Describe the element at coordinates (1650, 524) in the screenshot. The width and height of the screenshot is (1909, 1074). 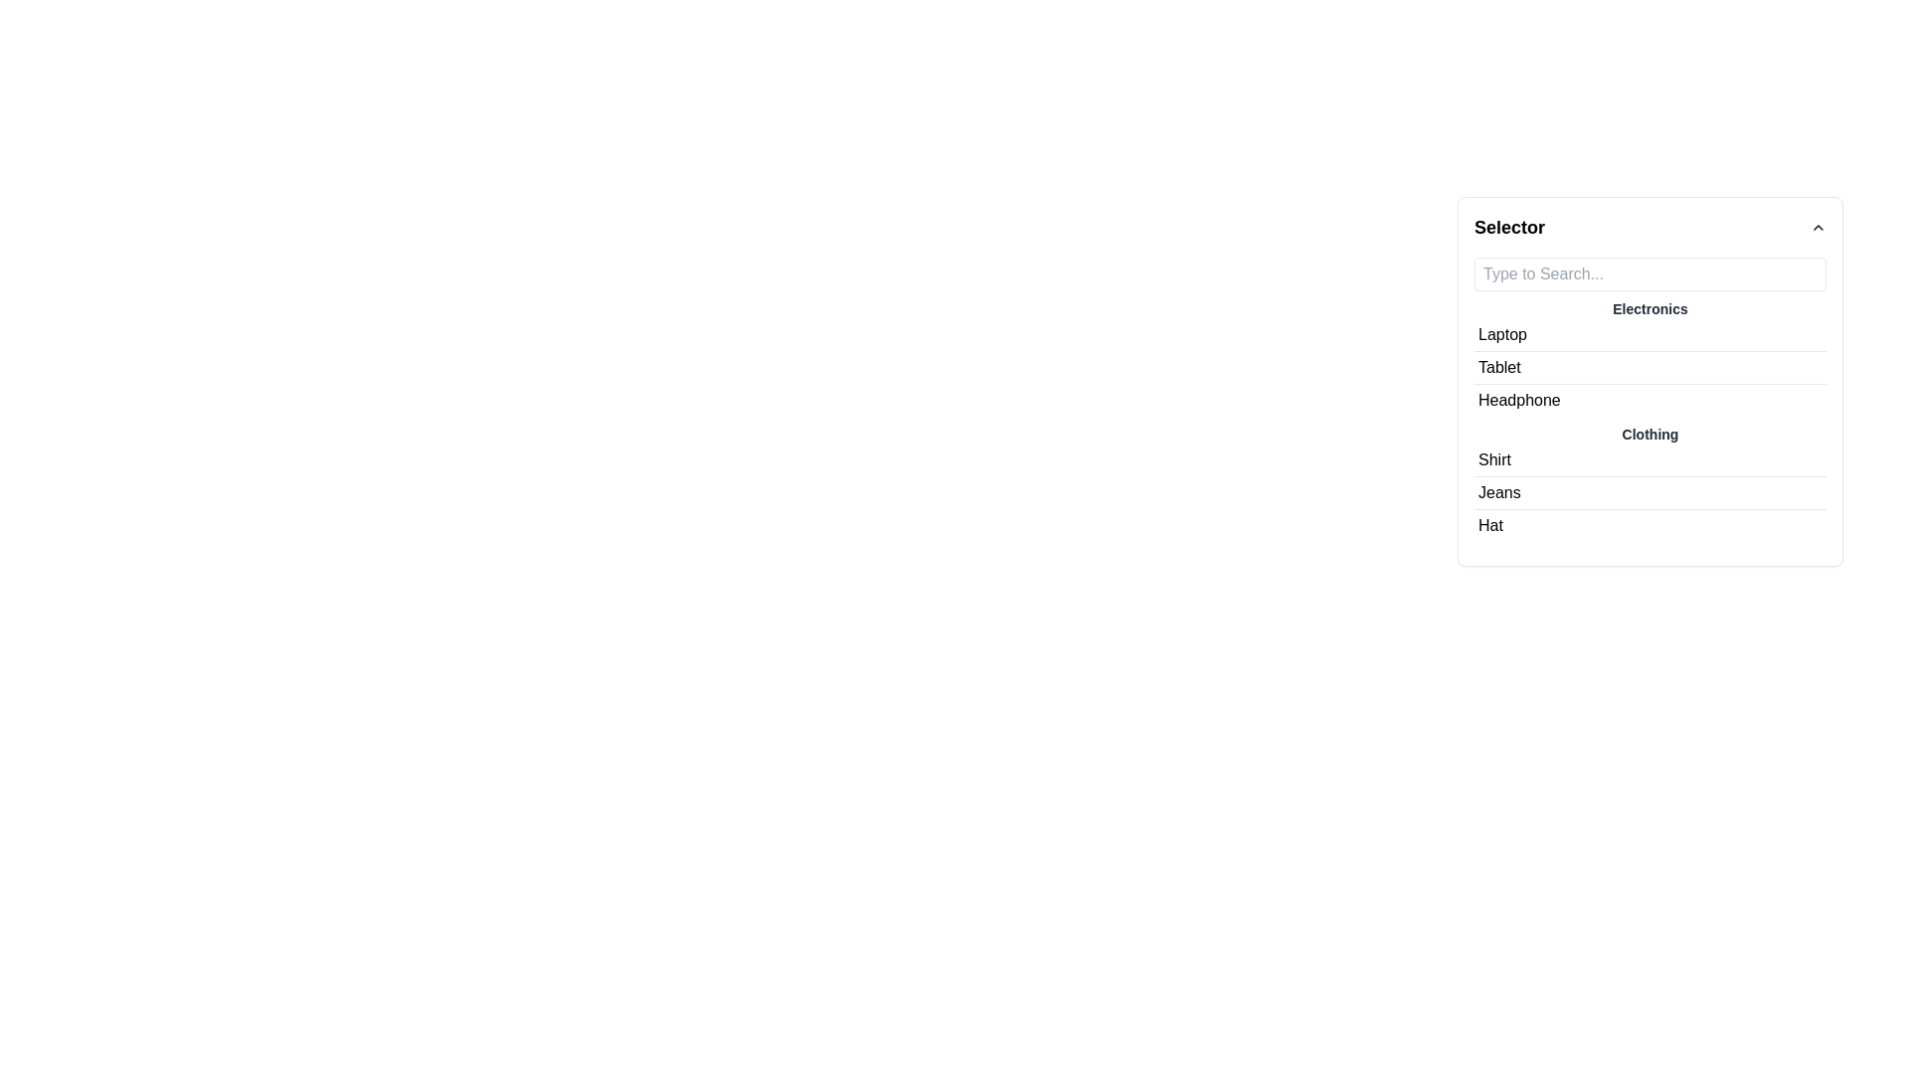
I see `the third item in the 'Clothing' section of the dropdown menu` at that location.